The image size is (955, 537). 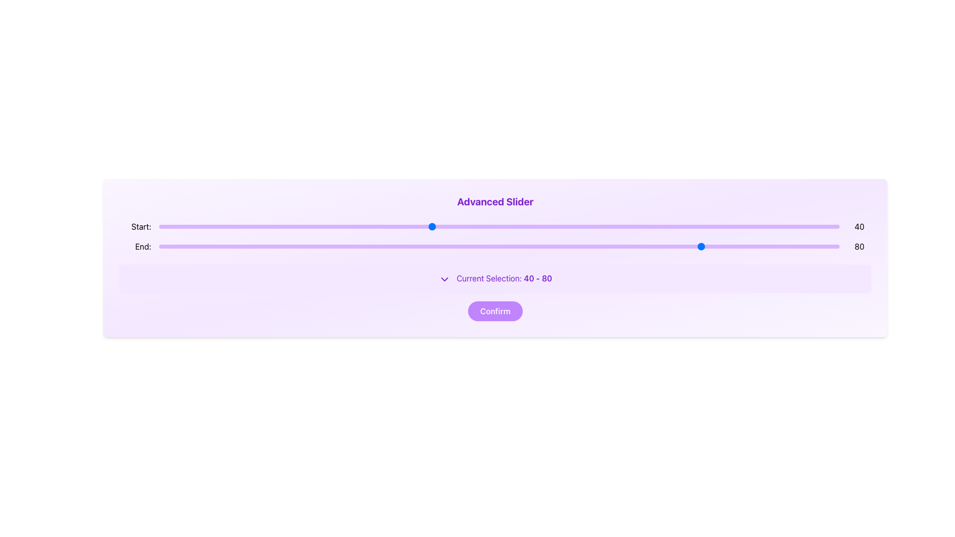 What do you see at coordinates (628, 246) in the screenshot?
I see `the 'End' value` at bounding box center [628, 246].